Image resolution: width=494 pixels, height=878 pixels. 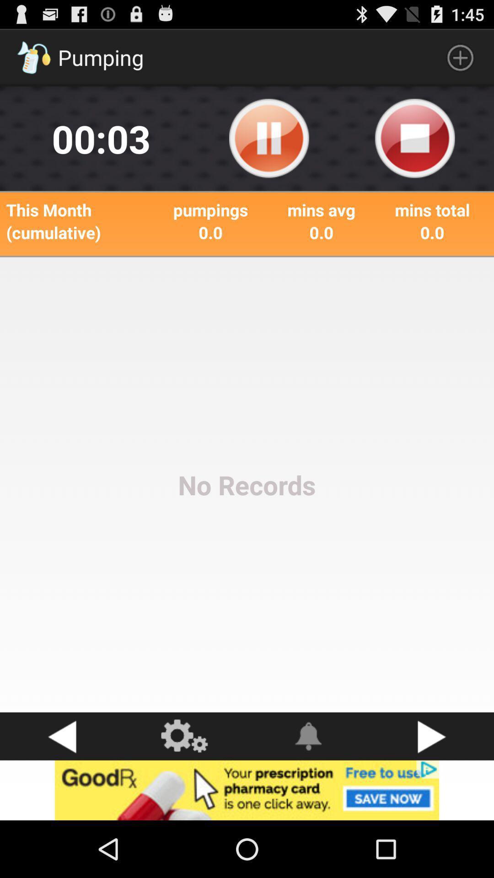 What do you see at coordinates (247, 790) in the screenshot?
I see `advertisement banner` at bounding box center [247, 790].